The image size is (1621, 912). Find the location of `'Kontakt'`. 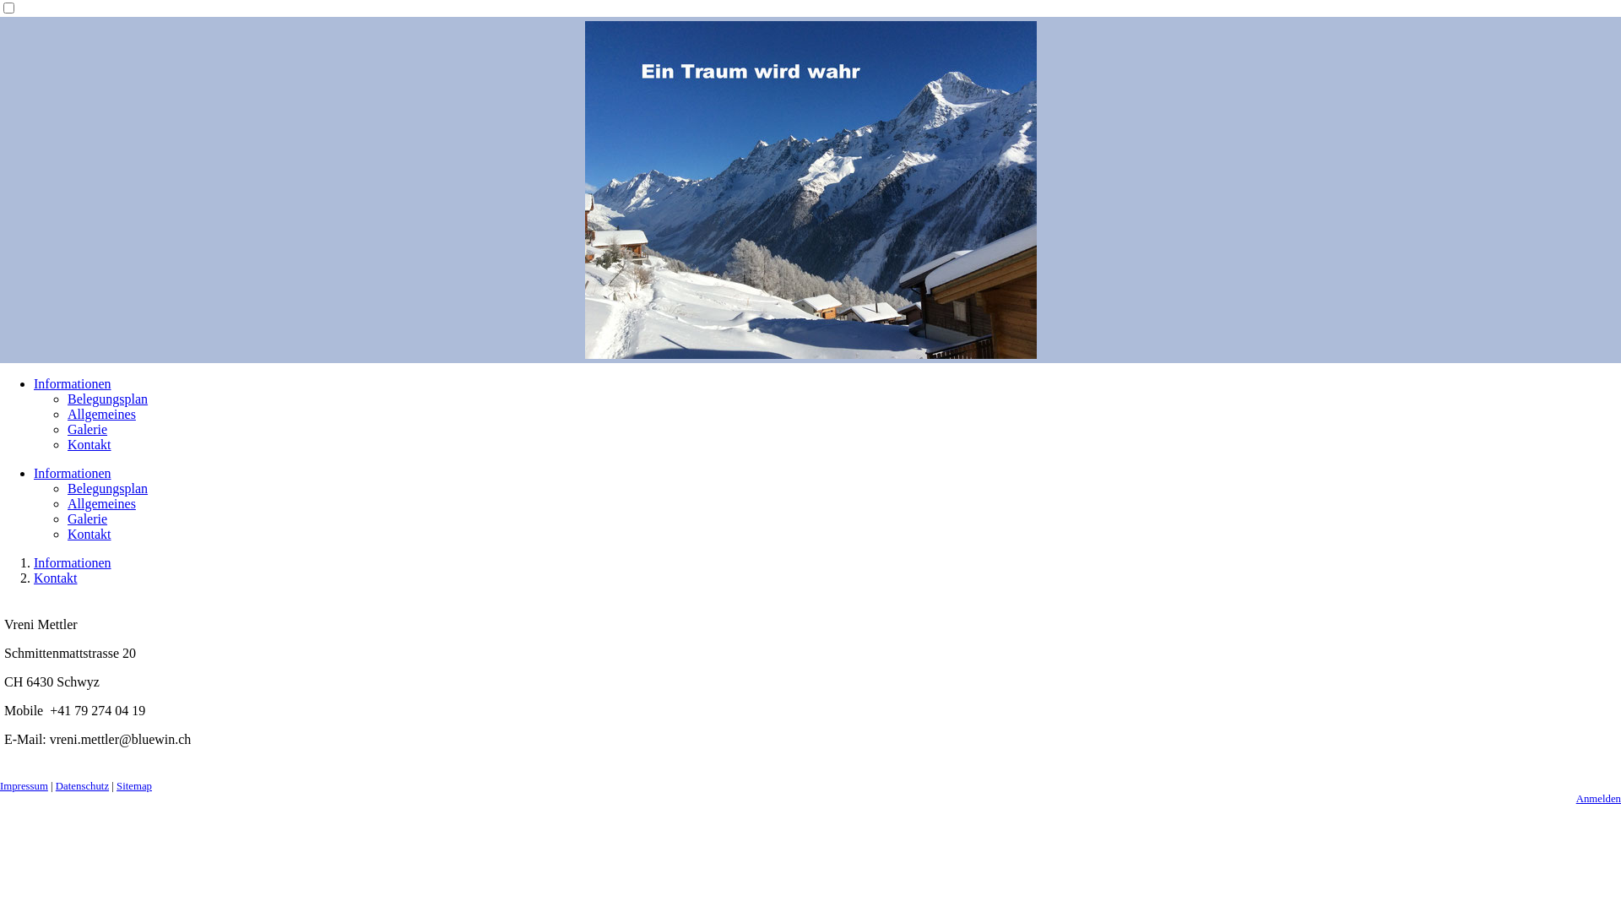

'Kontakt' is located at coordinates (88, 443).